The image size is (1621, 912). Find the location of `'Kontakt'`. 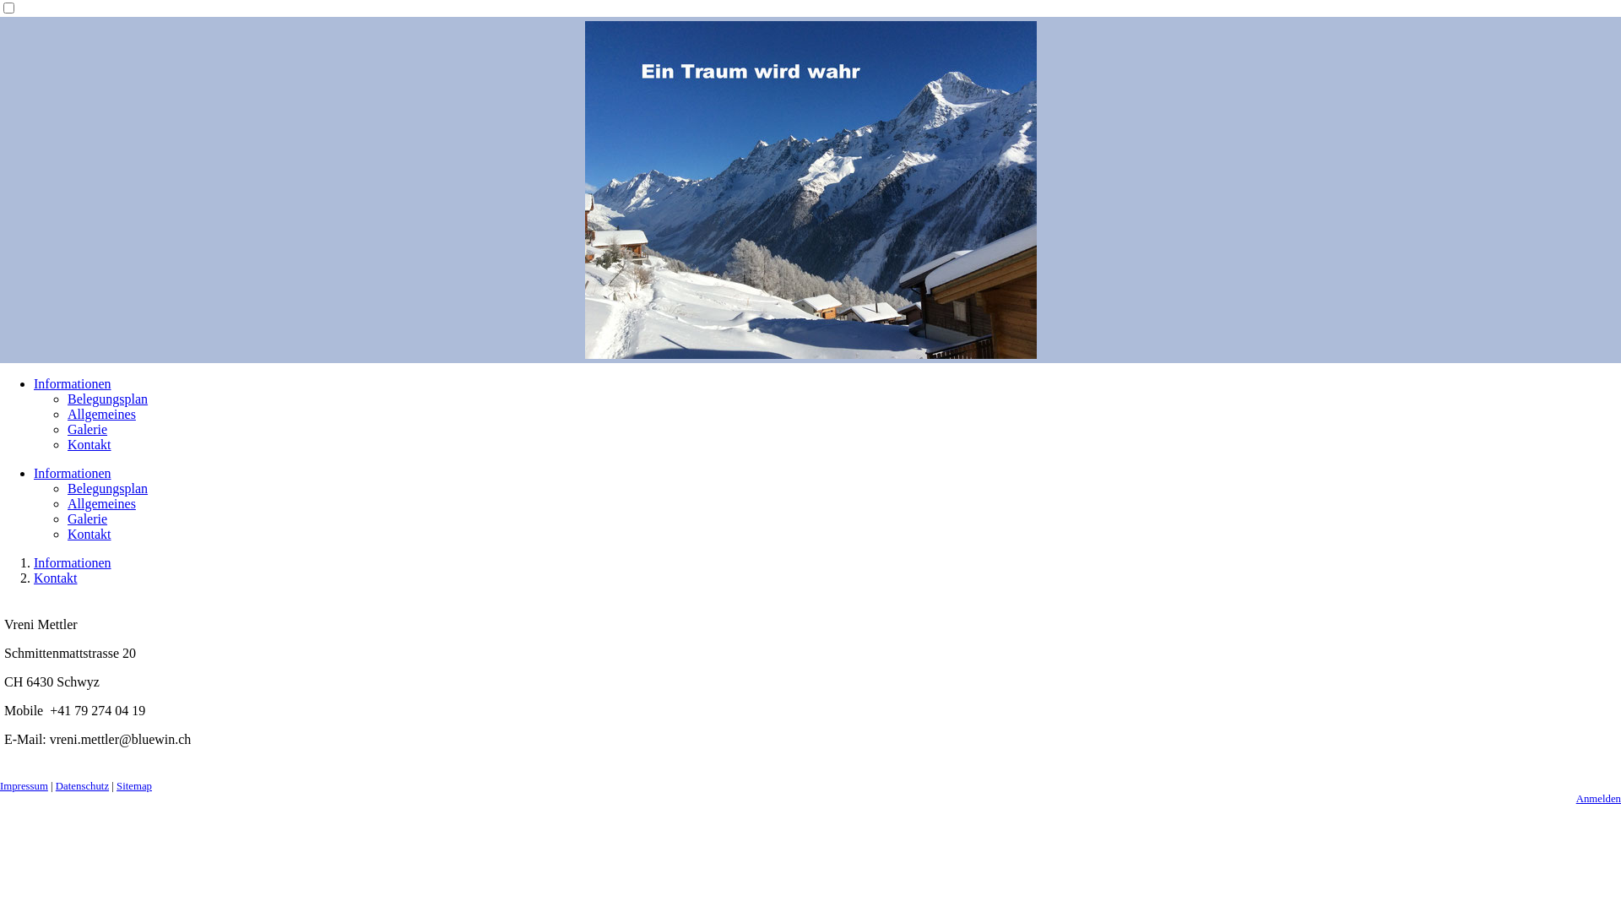

'Kontakt' is located at coordinates (88, 443).